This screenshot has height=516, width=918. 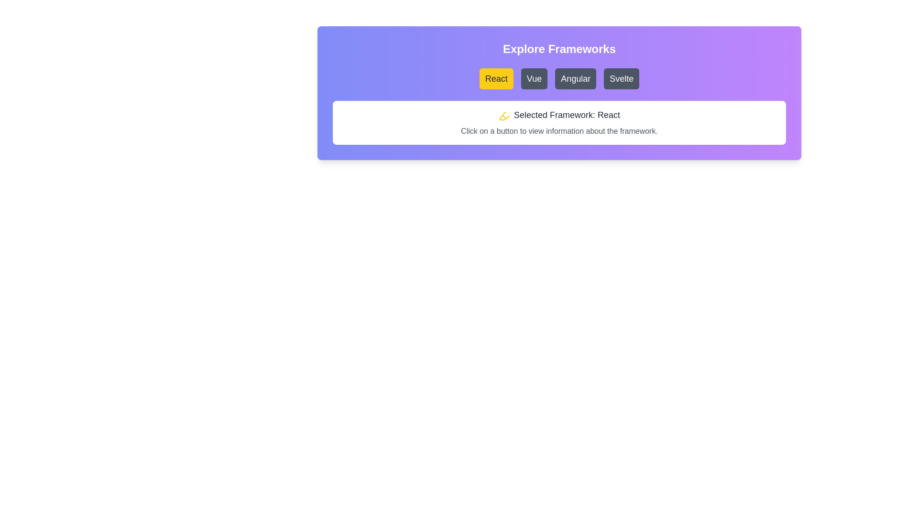 What do you see at coordinates (496, 78) in the screenshot?
I see `the 'React' button located at the top of the interface to trigger a hover effect, possibly a scaling animation` at bounding box center [496, 78].